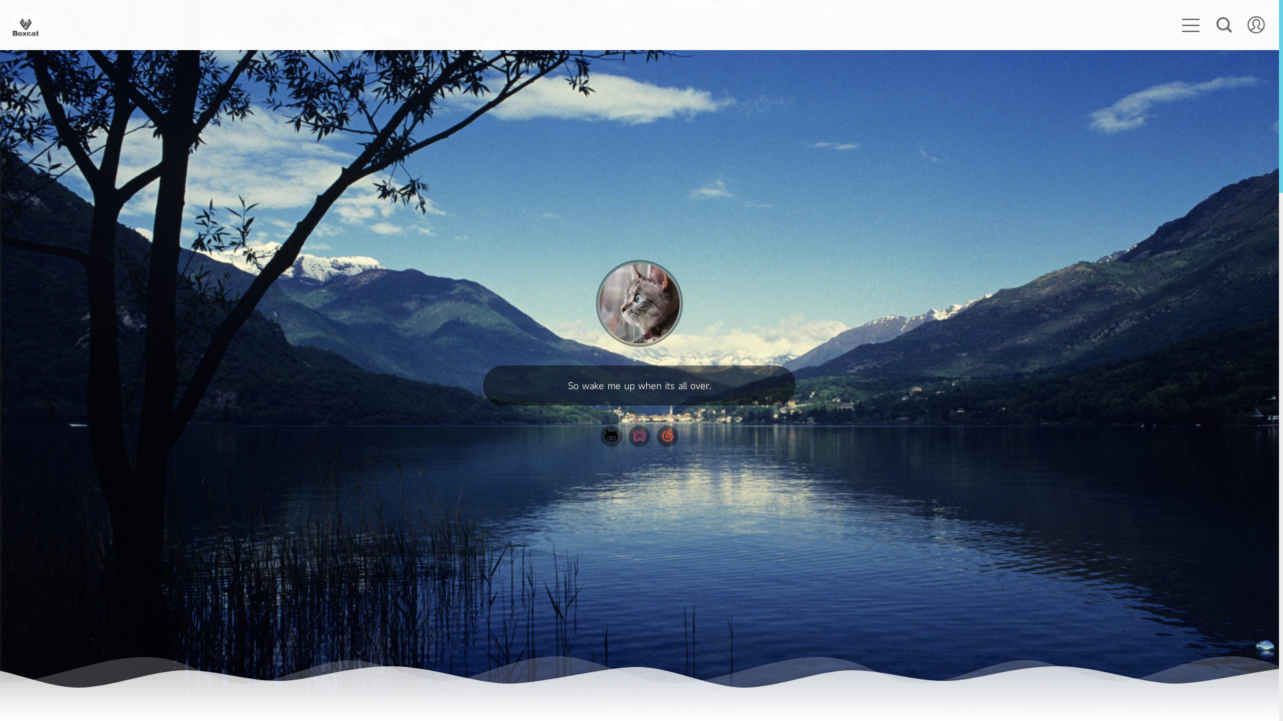  What do you see at coordinates (638, 435) in the screenshot?
I see `'bilibili'` at bounding box center [638, 435].